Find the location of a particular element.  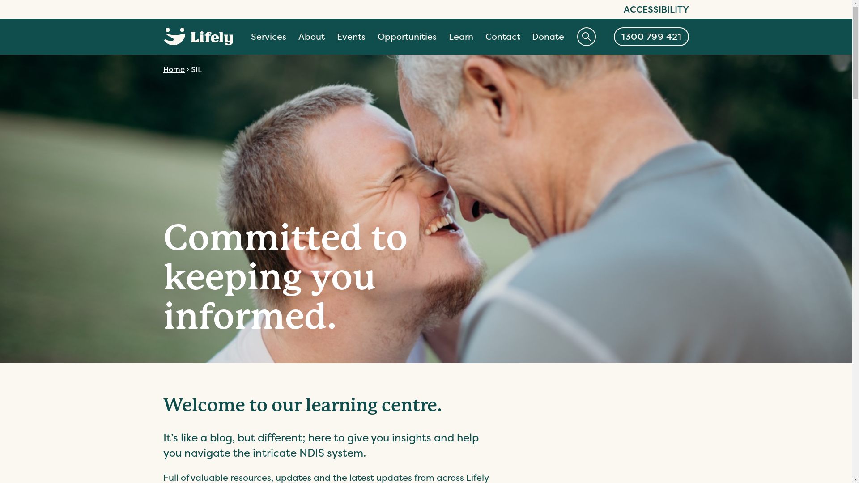

'ACCESSIBILITY' is located at coordinates (623, 9).